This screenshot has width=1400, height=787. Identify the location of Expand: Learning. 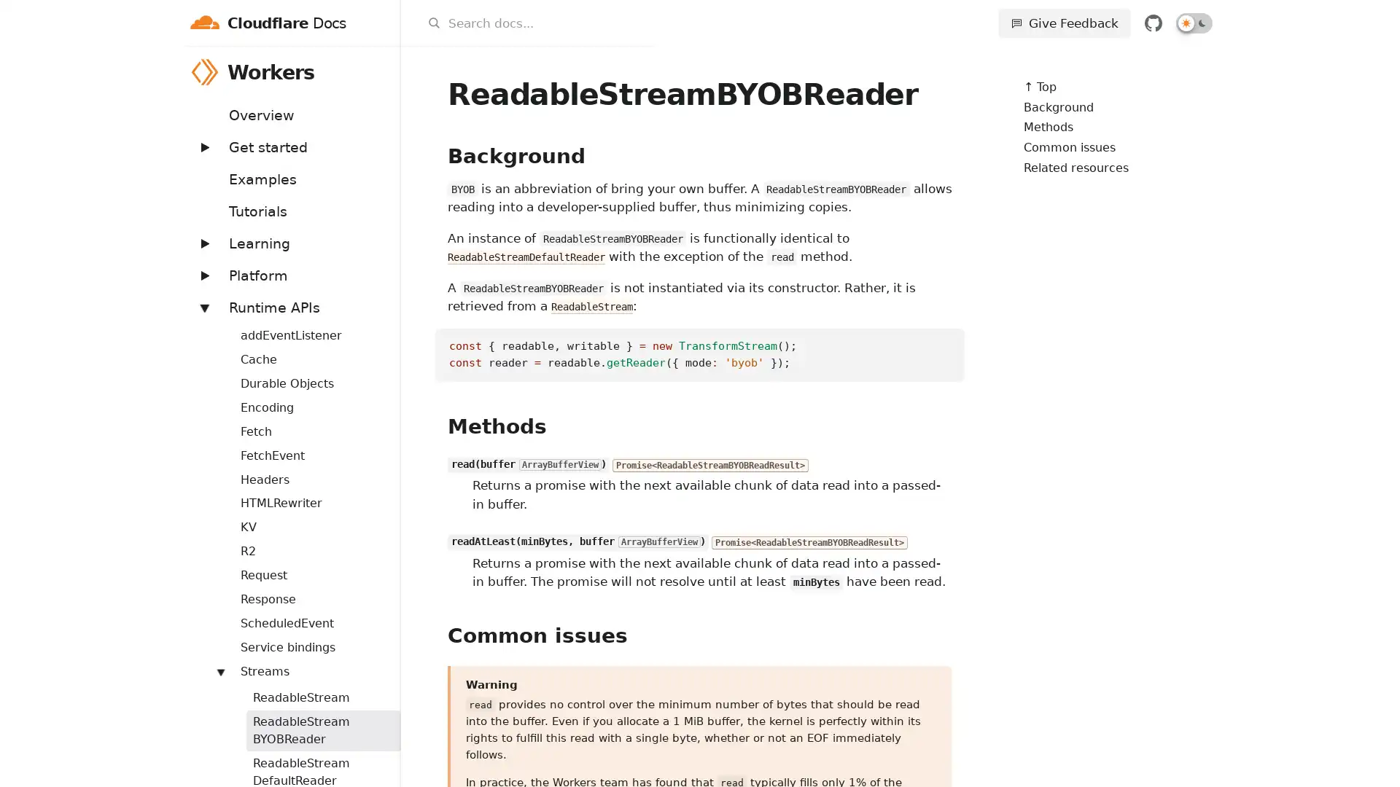
(203, 242).